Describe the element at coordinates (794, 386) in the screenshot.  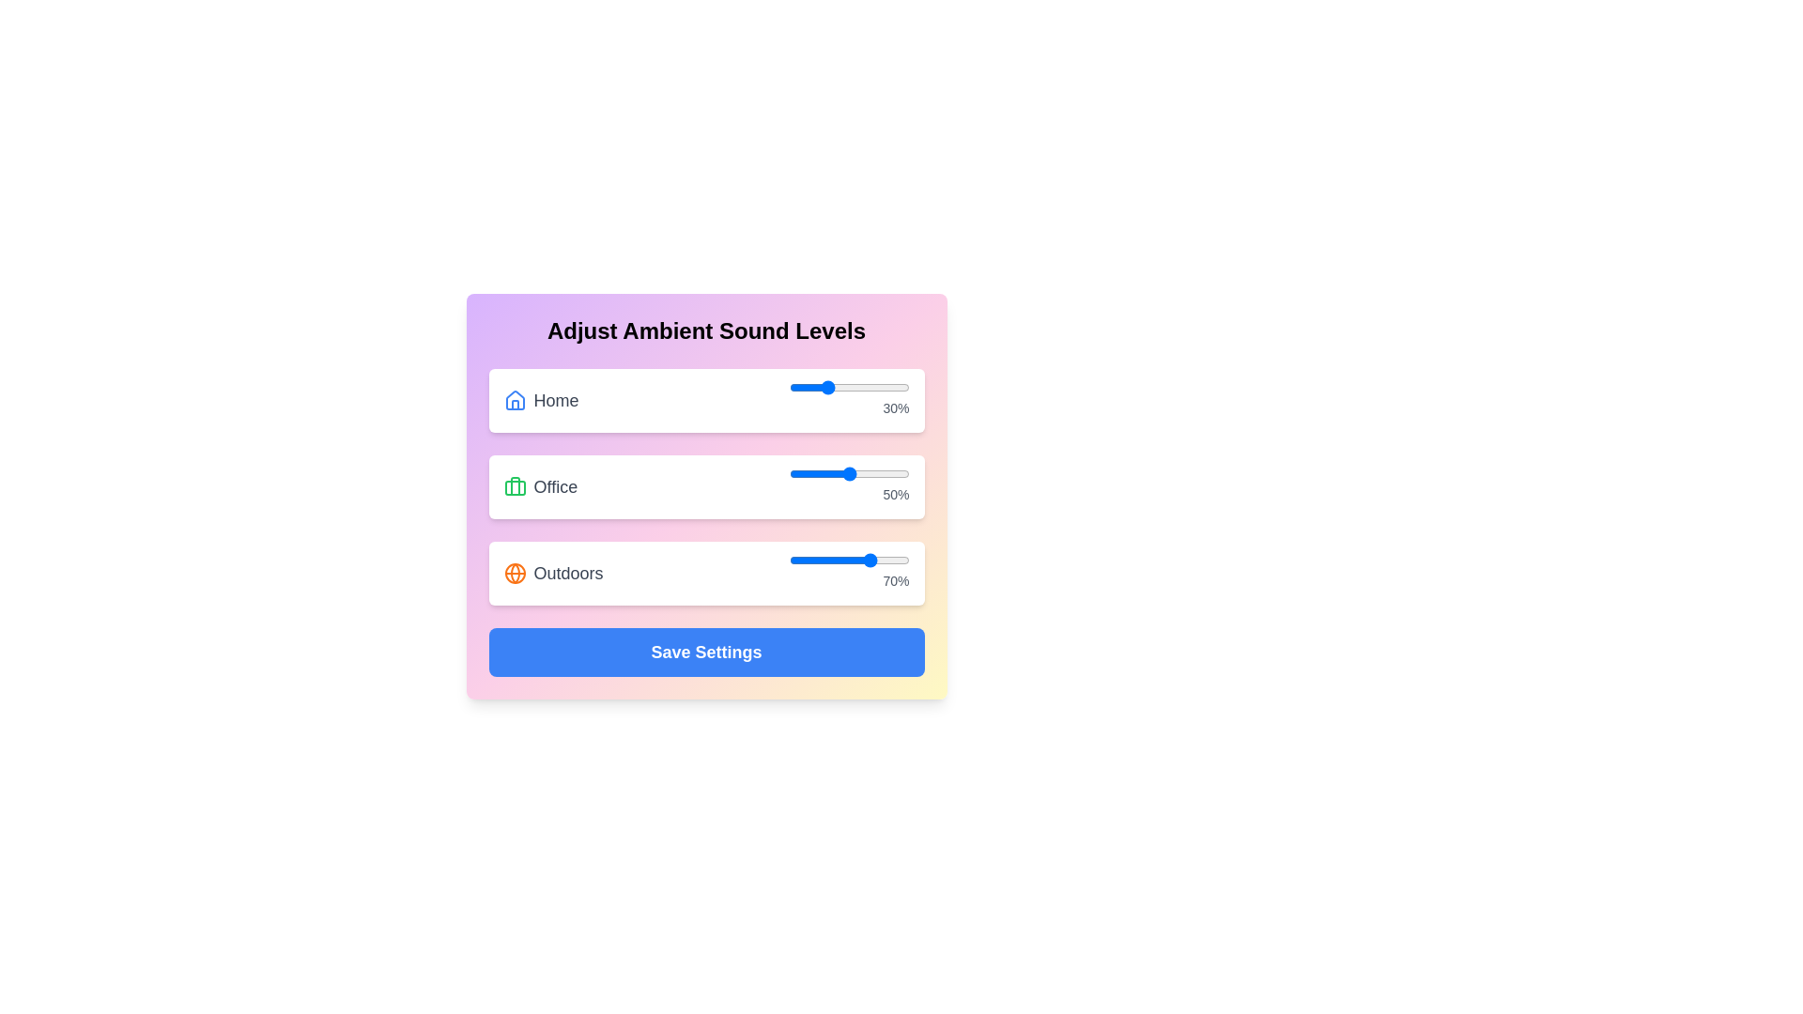
I see `the Home sound level slider to 4%` at that location.